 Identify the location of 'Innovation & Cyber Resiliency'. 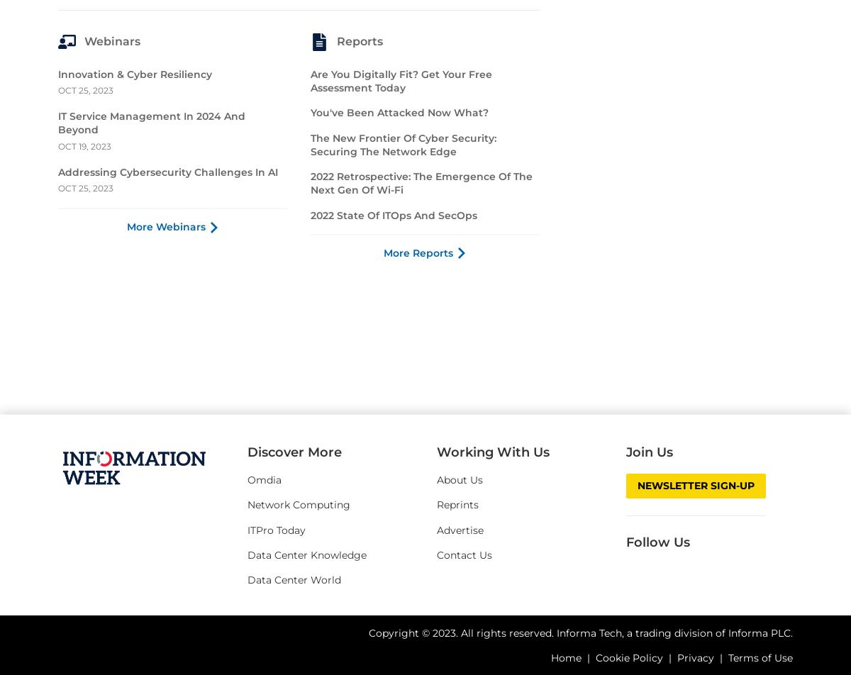
(57, 332).